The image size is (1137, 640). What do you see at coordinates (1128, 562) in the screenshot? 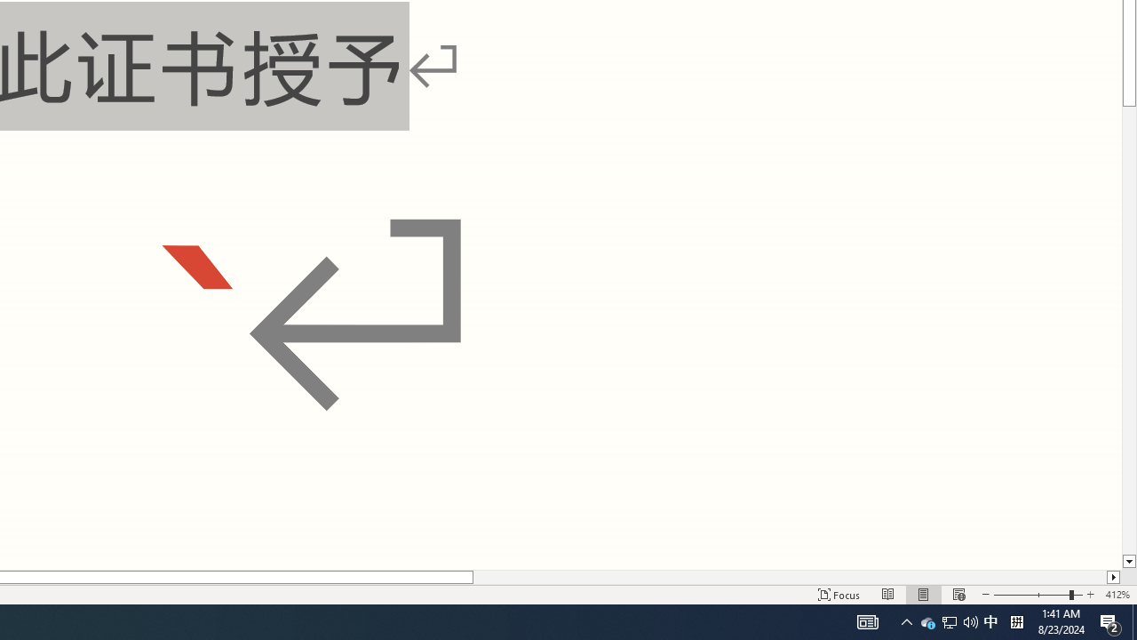
I see `'Line down'` at bounding box center [1128, 562].